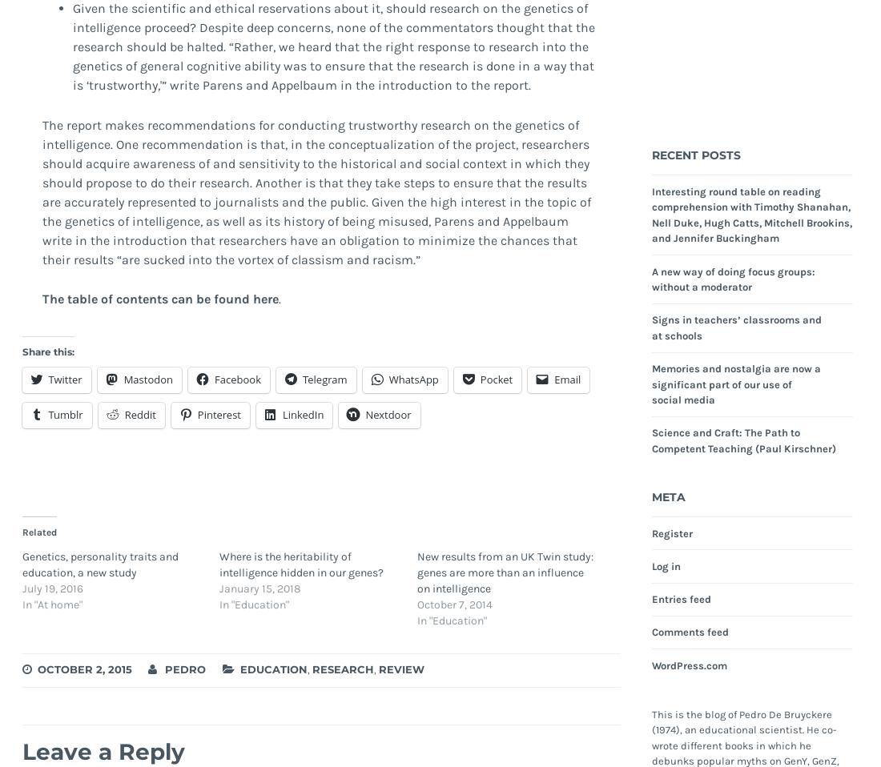  What do you see at coordinates (651, 327) in the screenshot?
I see `'Signs in teachers’ classrooms and at schools'` at bounding box center [651, 327].